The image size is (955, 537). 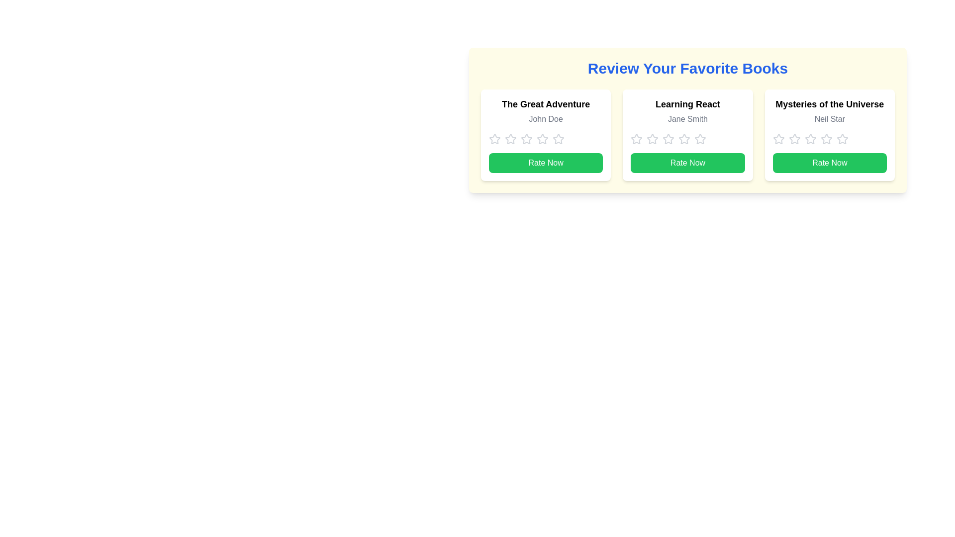 I want to click on the sixth star in the rating component for the book 'Learning React' by Jane Smith to interact with the rating value, so click(x=684, y=139).